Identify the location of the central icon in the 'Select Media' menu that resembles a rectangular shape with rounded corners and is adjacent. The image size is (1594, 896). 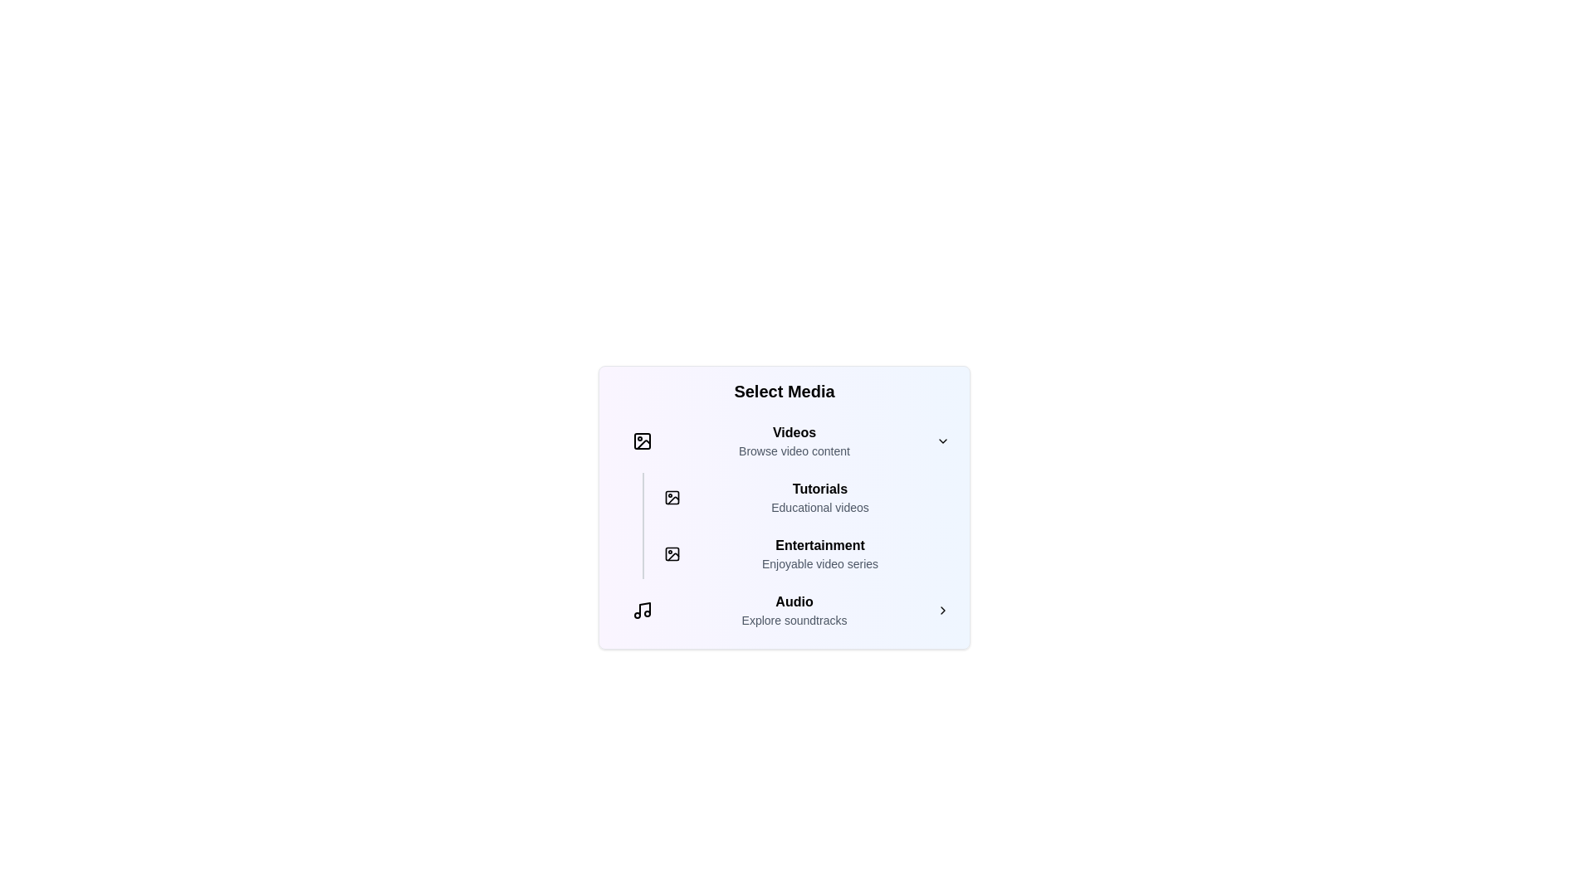
(672, 497).